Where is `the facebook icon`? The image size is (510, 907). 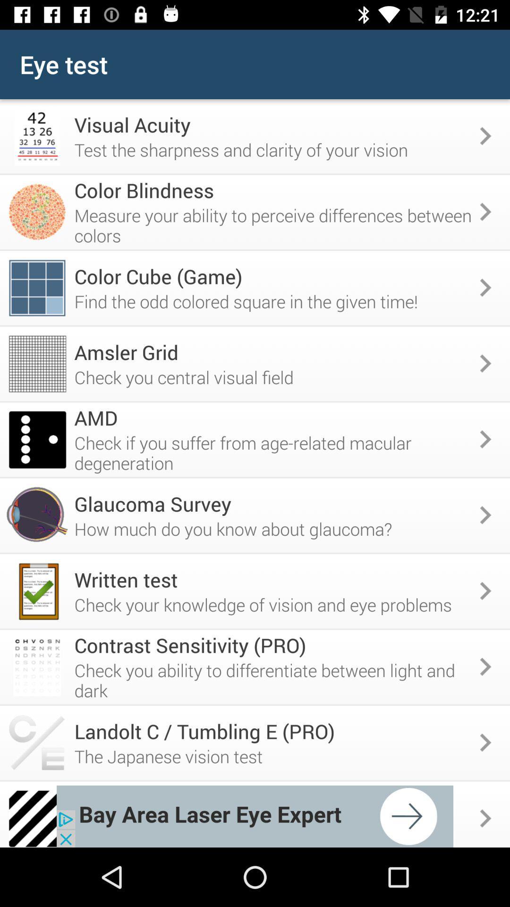
the facebook icon is located at coordinates (20, 21).